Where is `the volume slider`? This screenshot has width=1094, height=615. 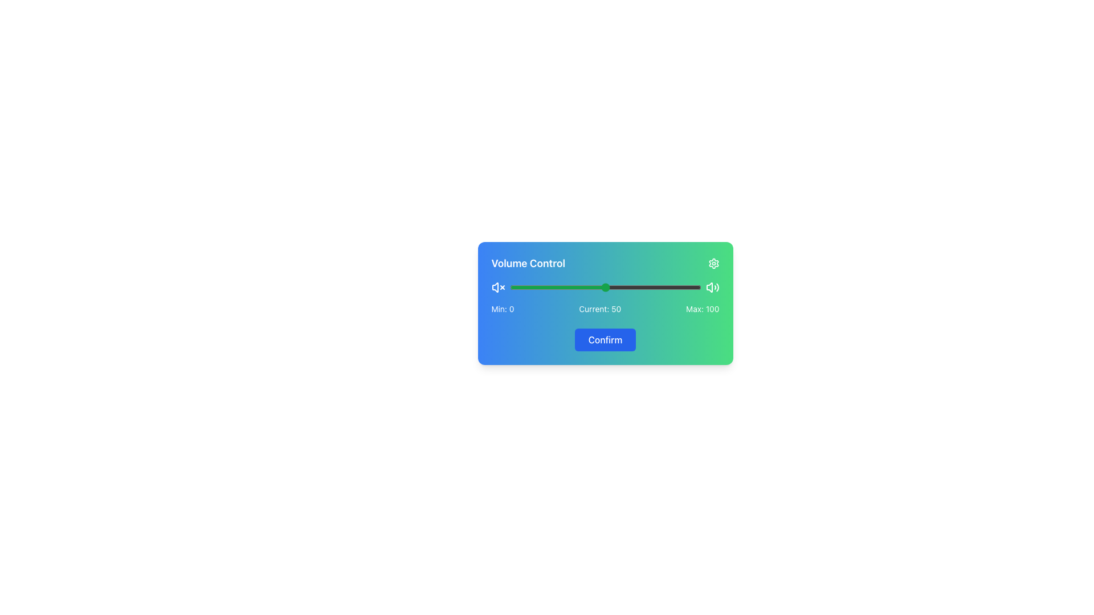 the volume slider is located at coordinates (549, 287).